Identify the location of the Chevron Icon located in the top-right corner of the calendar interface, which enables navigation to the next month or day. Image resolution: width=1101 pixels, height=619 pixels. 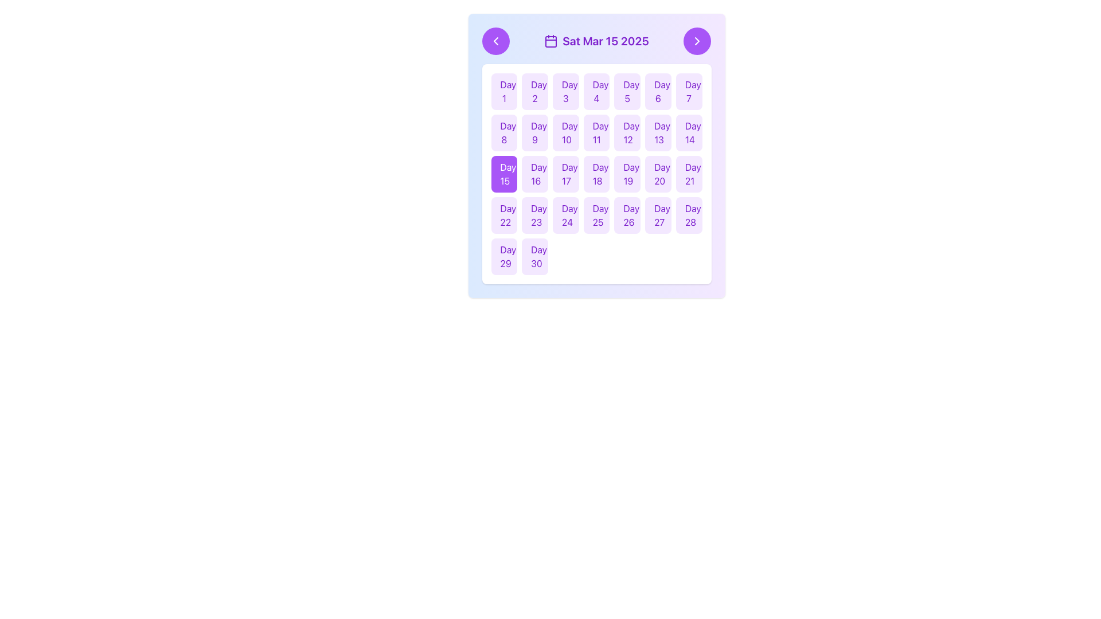
(697, 41).